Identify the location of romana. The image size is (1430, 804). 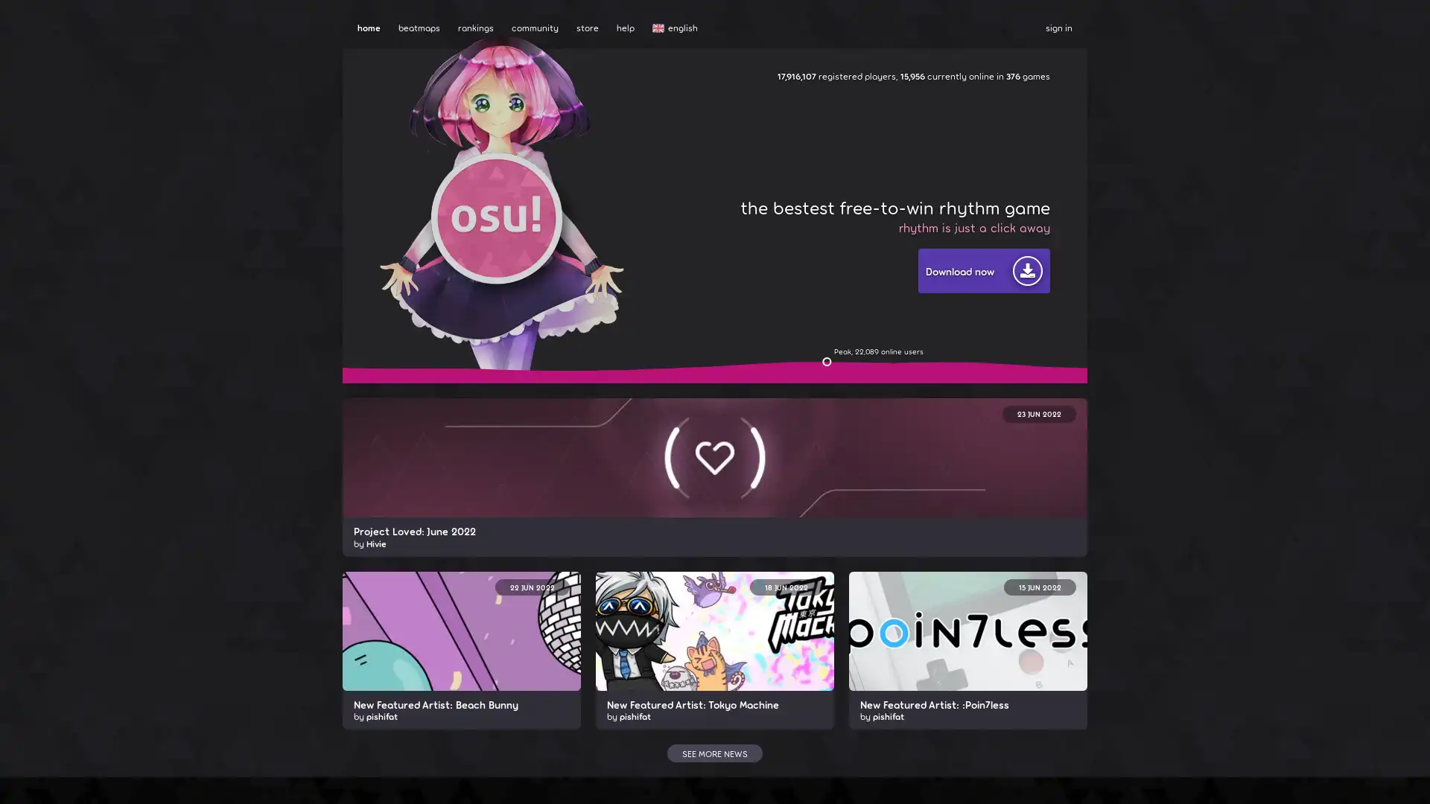
(696, 444).